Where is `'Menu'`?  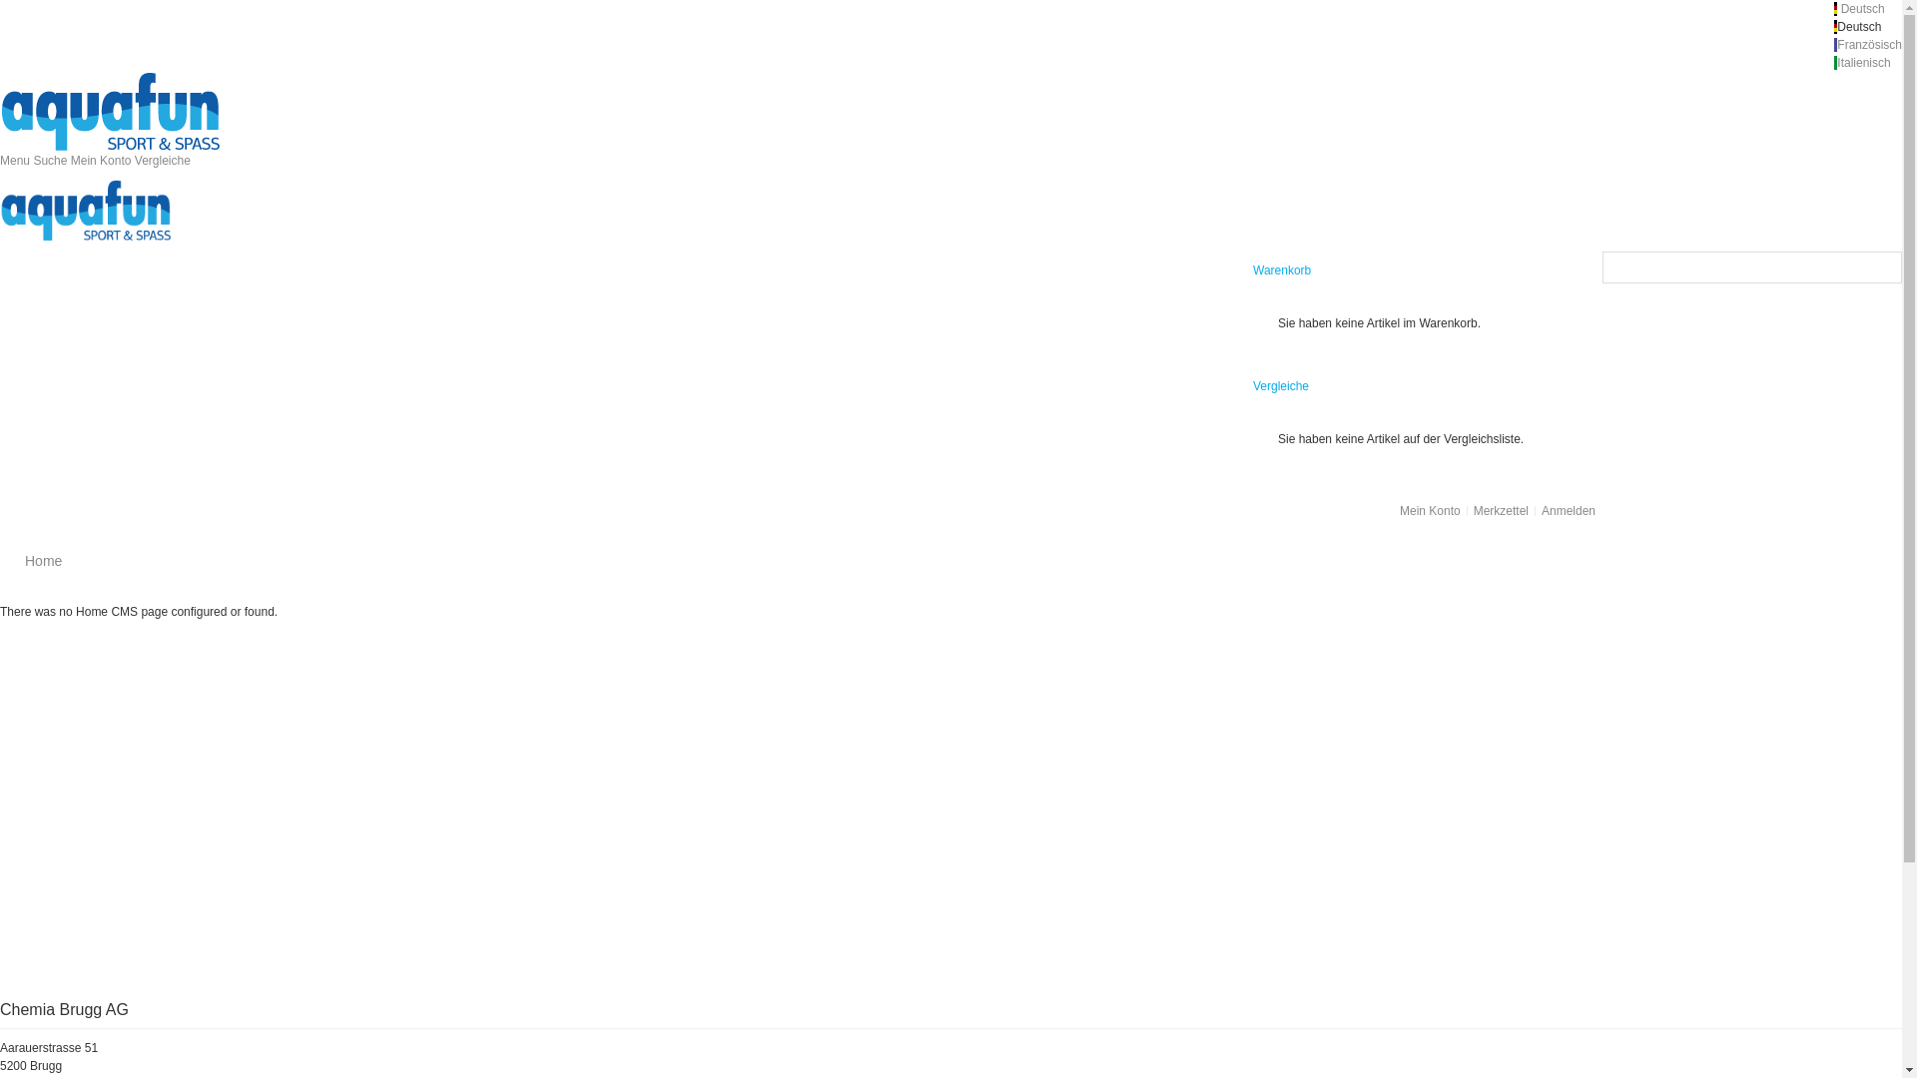
'Menu' is located at coordinates (0, 160).